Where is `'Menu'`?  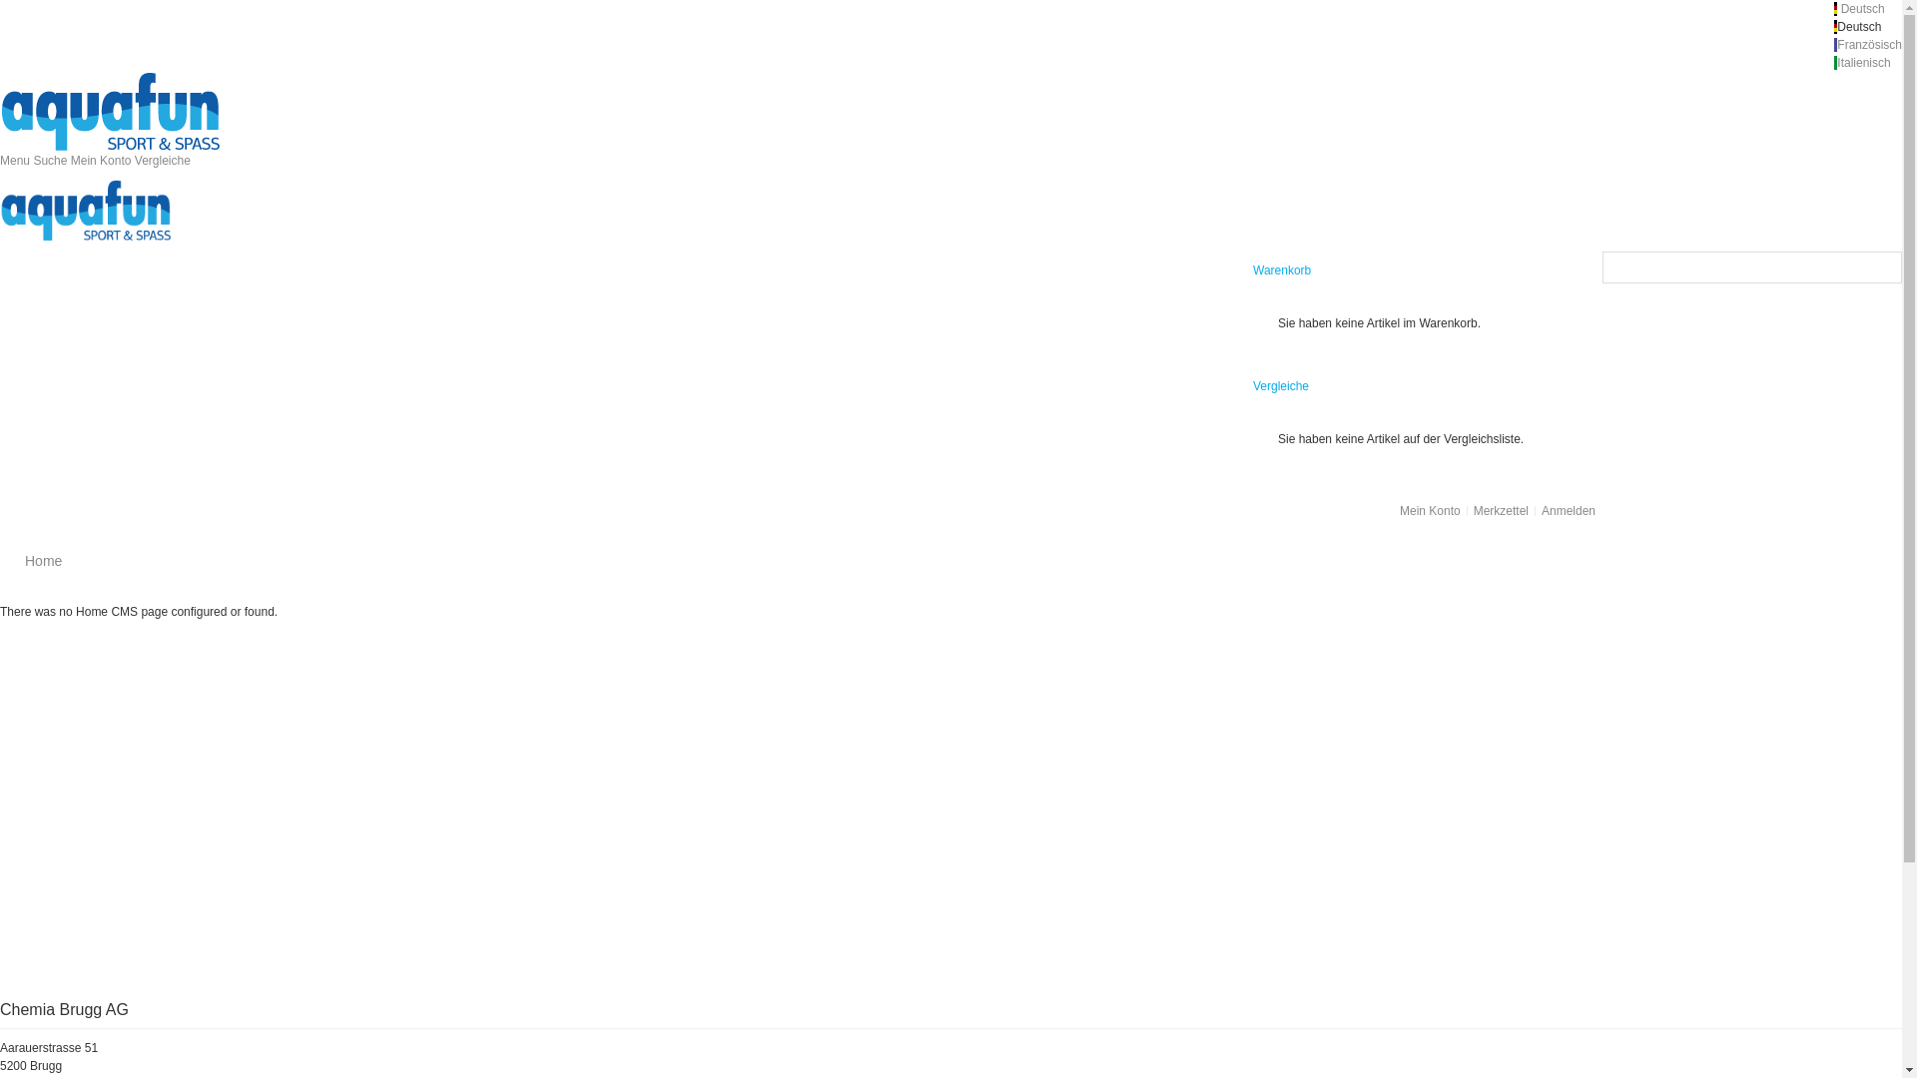
'Menu' is located at coordinates (0, 160).